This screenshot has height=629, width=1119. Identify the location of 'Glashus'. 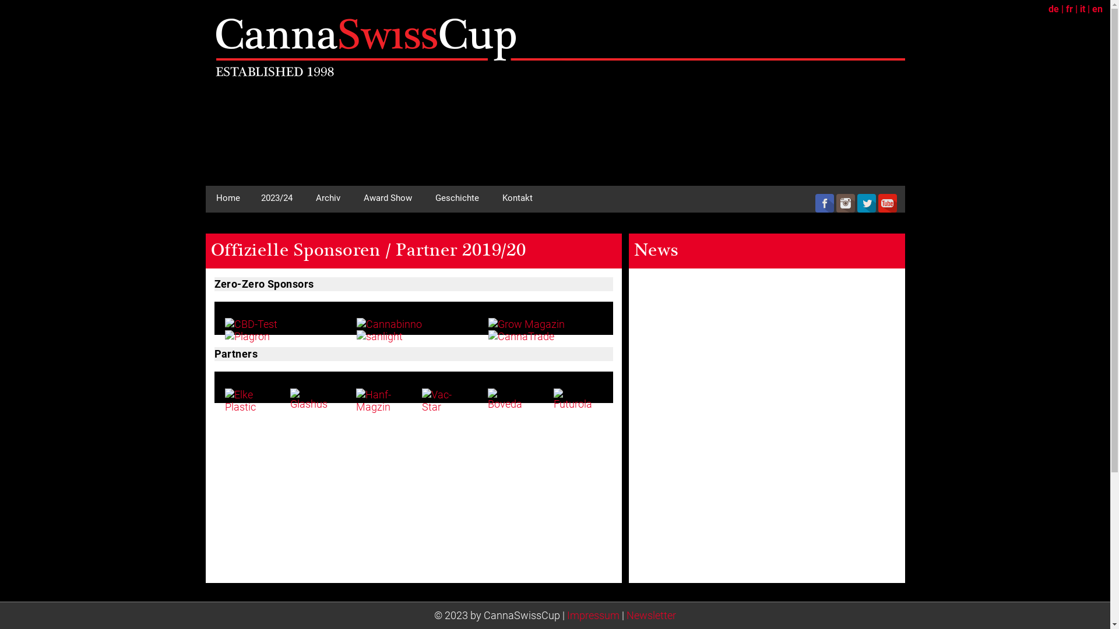
(311, 398).